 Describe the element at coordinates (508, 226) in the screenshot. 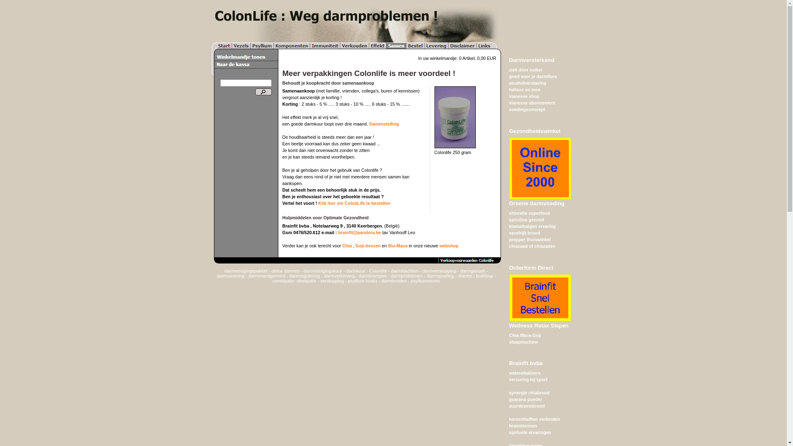

I see `'klamathalgen ervaring'` at that location.